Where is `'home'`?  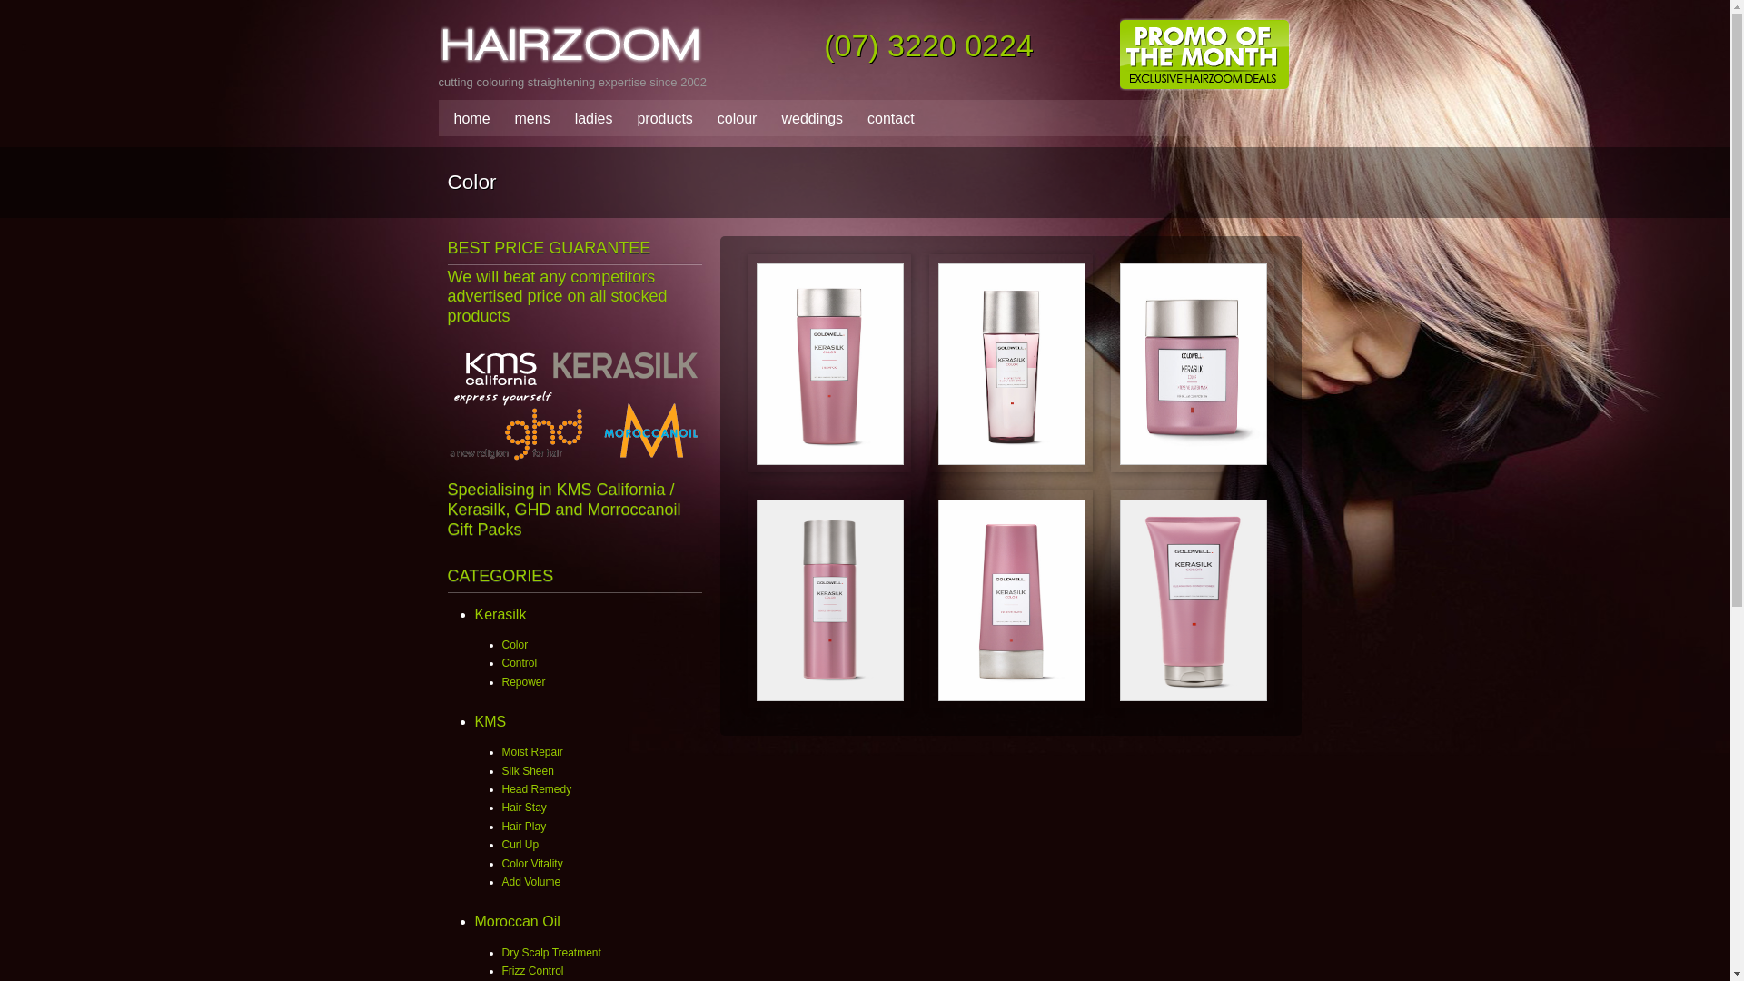 'home' is located at coordinates (467, 119).